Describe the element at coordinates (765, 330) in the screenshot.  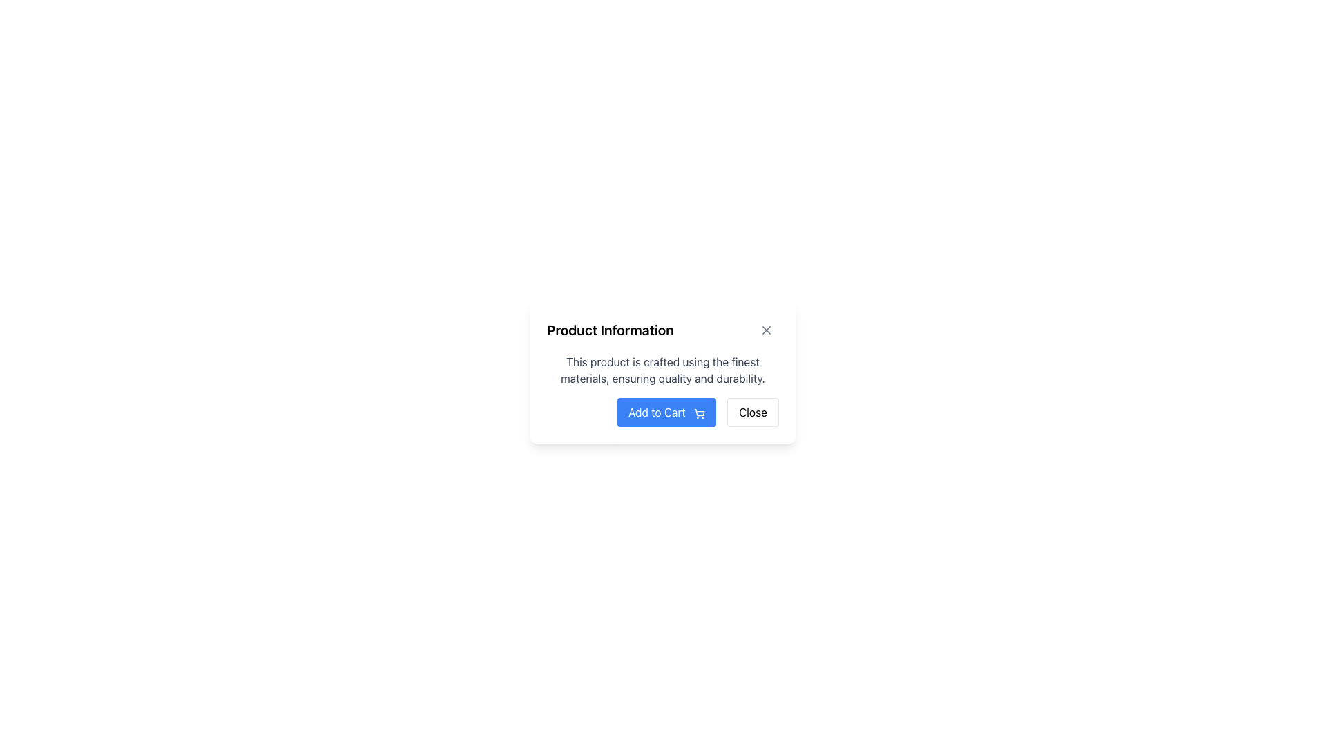
I see `the close icon located at the top-right corner of the 'Product Information' modal dialog, which visually represents the close action for the modal` at that location.